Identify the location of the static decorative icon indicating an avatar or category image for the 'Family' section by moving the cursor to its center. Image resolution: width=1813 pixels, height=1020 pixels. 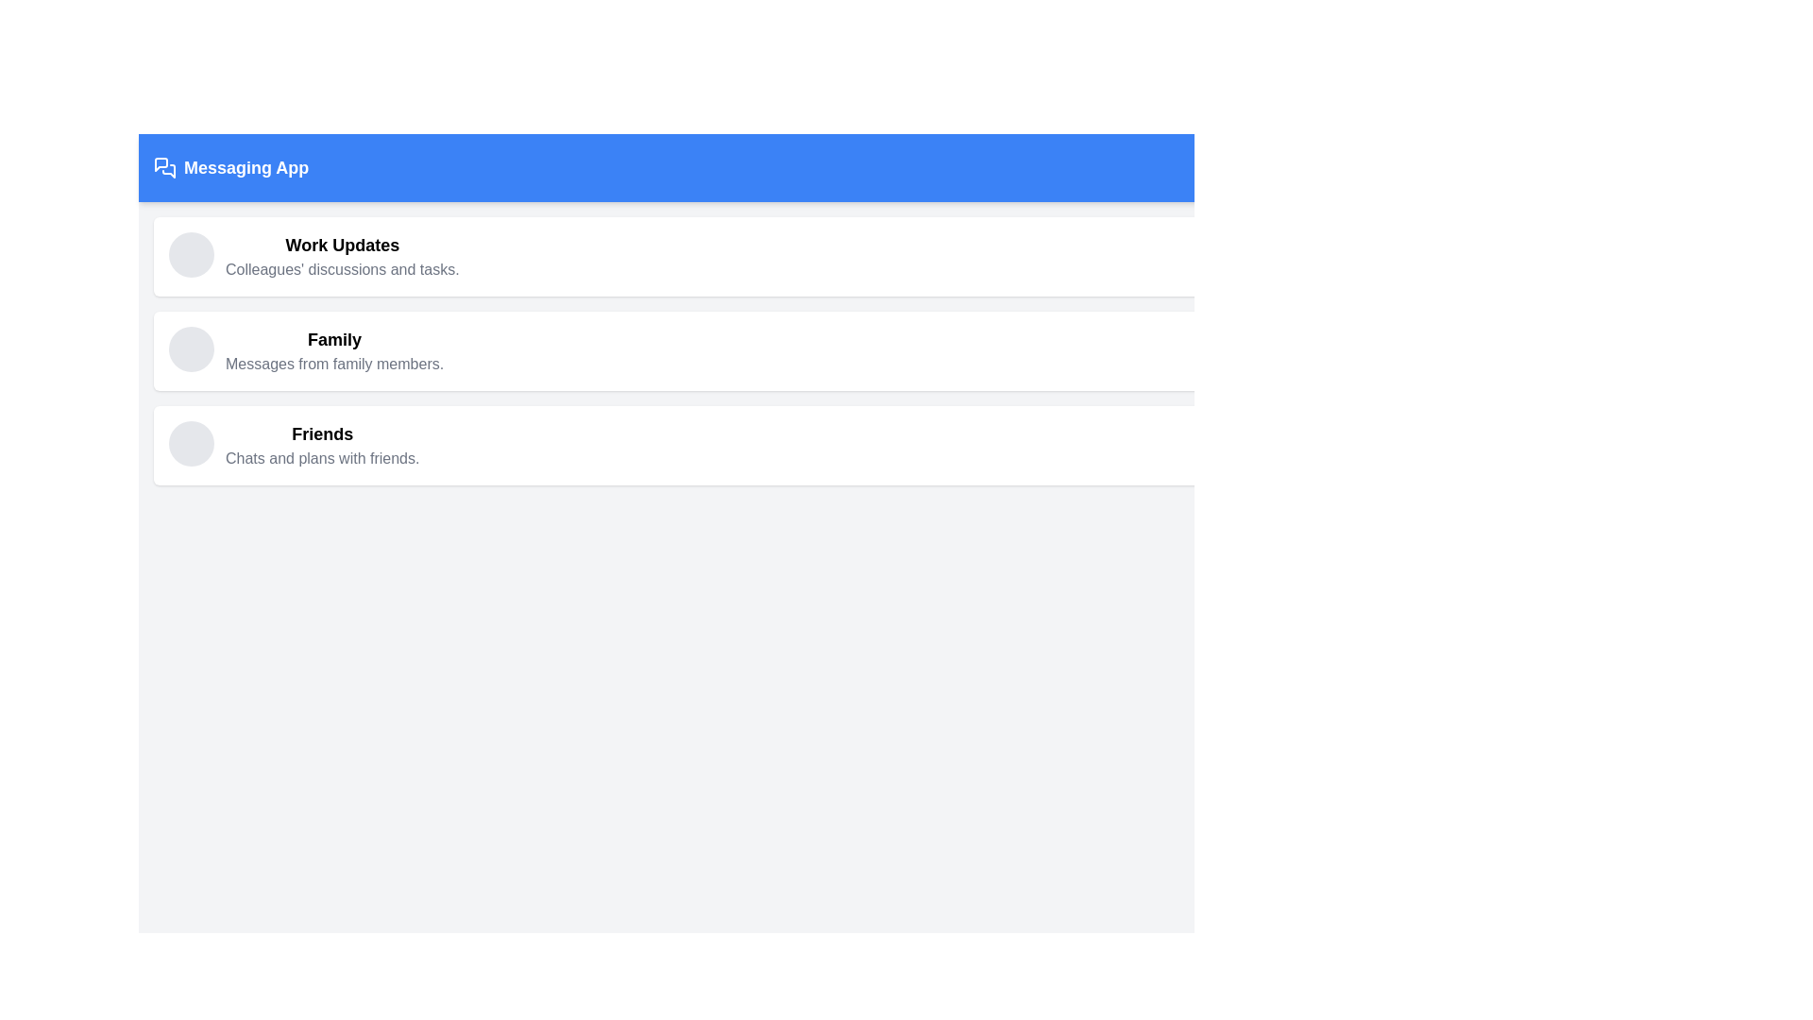
(191, 349).